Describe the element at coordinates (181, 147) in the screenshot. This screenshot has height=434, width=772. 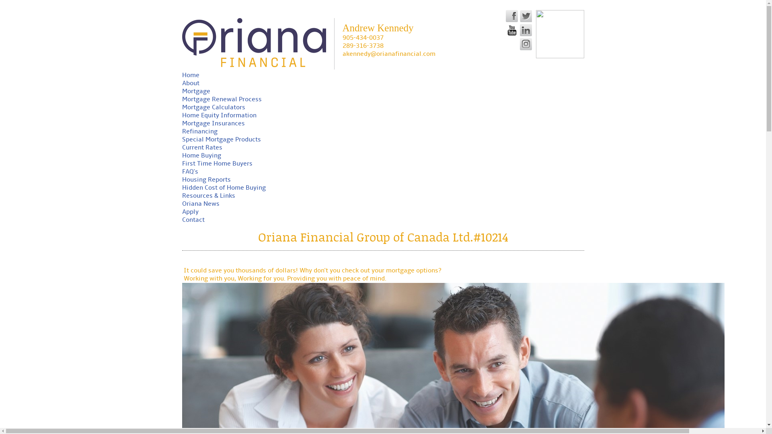
I see `'Current Rates'` at that location.